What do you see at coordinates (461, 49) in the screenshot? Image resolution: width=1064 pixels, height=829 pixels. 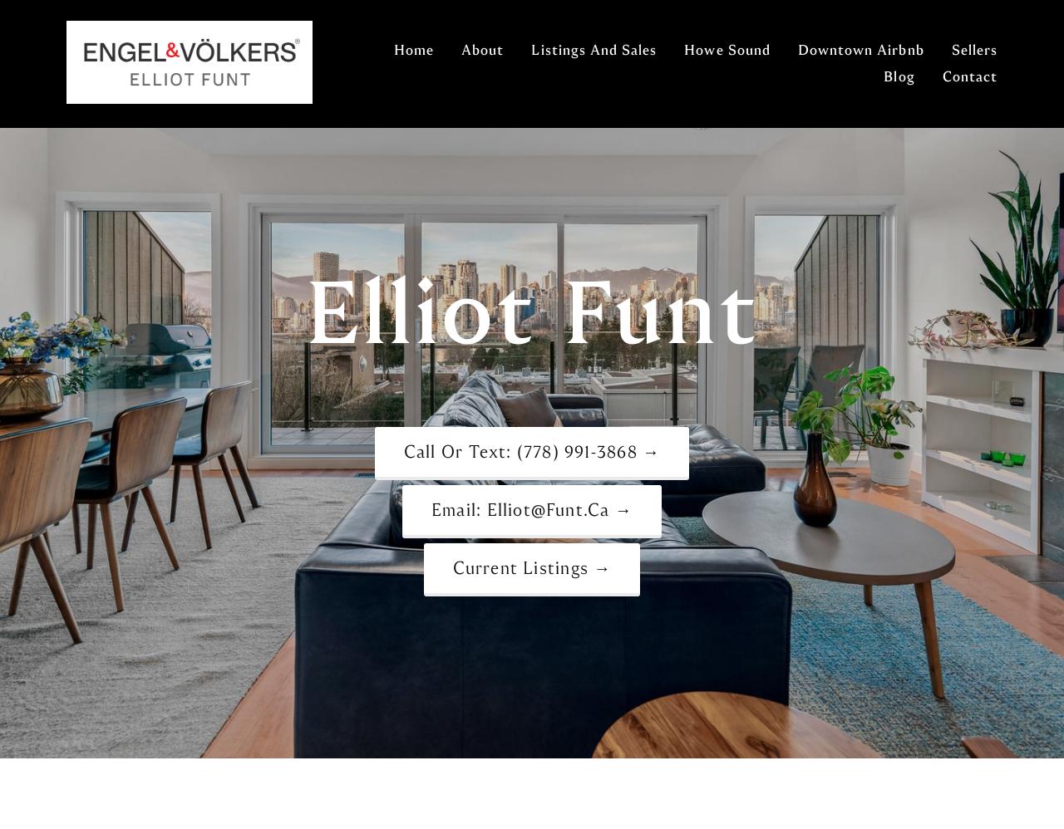 I see `'About'` at bounding box center [461, 49].